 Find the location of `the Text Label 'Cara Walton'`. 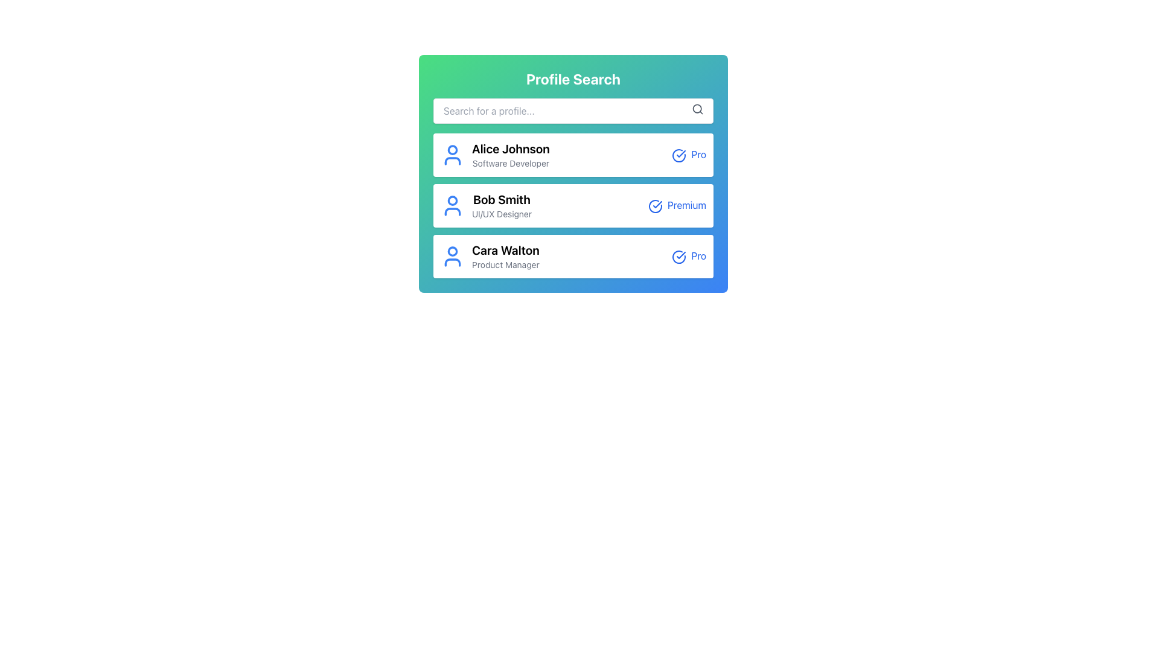

the Text Label 'Cara Walton' is located at coordinates (505, 250).